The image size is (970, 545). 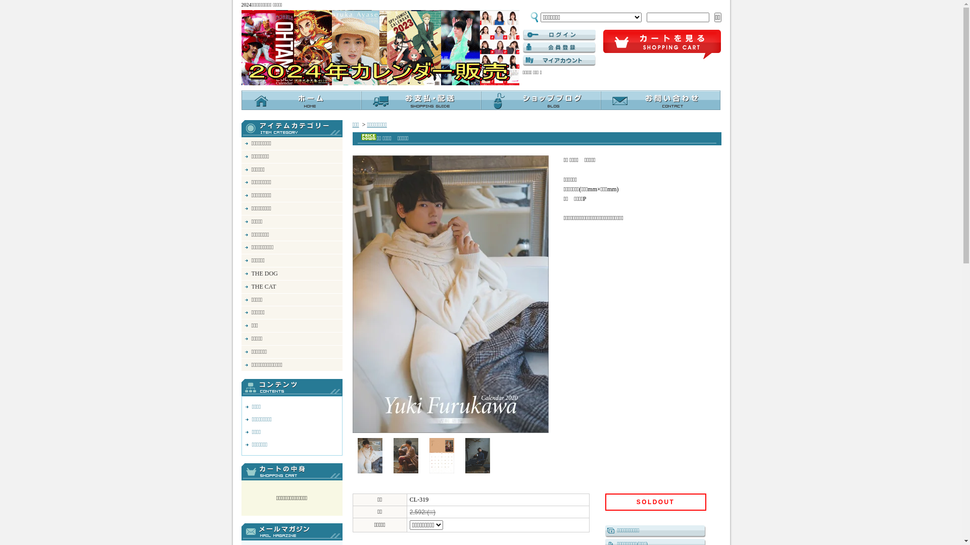 What do you see at coordinates (241, 287) in the screenshot?
I see `'THE CAT'` at bounding box center [241, 287].